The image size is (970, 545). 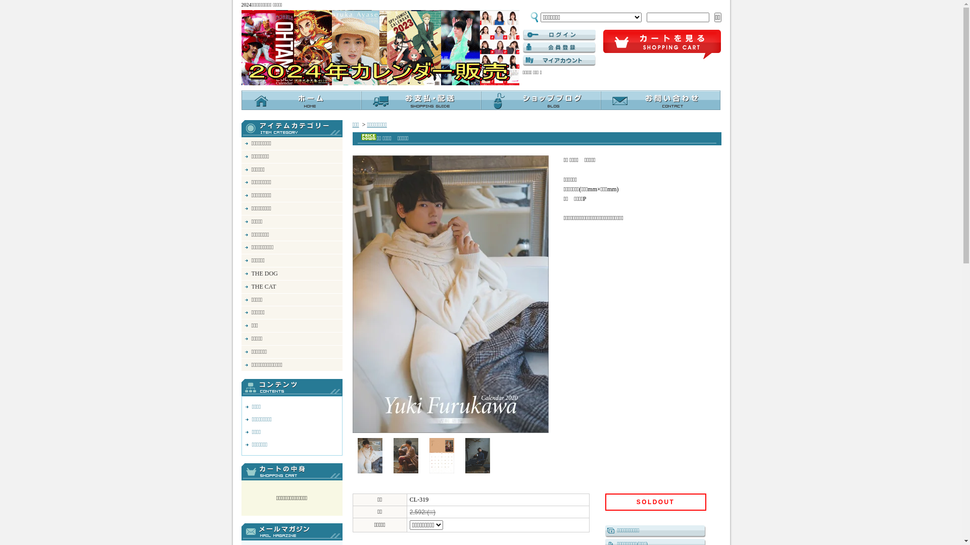 What do you see at coordinates (241, 287) in the screenshot?
I see `'THE CAT'` at bounding box center [241, 287].